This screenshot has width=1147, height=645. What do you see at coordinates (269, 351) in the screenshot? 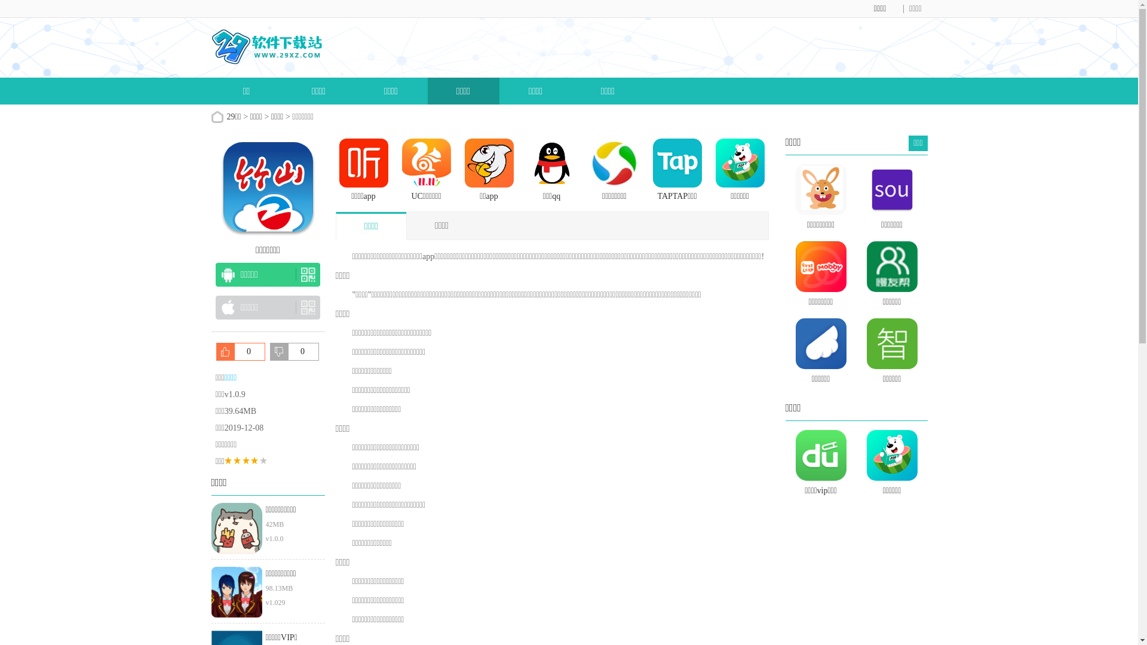
I see `'0'` at bounding box center [269, 351].